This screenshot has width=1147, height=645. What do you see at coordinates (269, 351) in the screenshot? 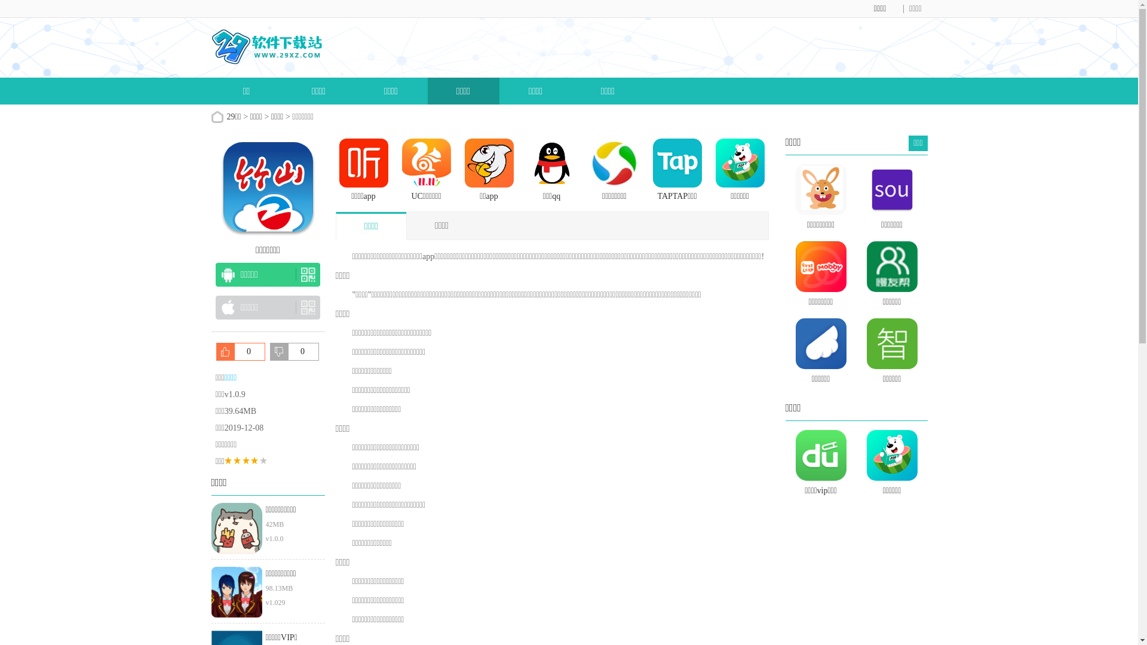
I see `'0'` at bounding box center [269, 351].